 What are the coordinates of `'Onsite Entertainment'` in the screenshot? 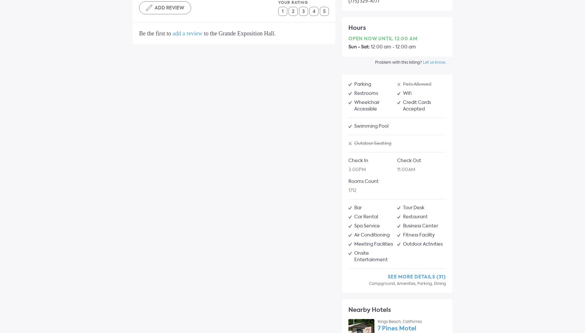 It's located at (354, 256).